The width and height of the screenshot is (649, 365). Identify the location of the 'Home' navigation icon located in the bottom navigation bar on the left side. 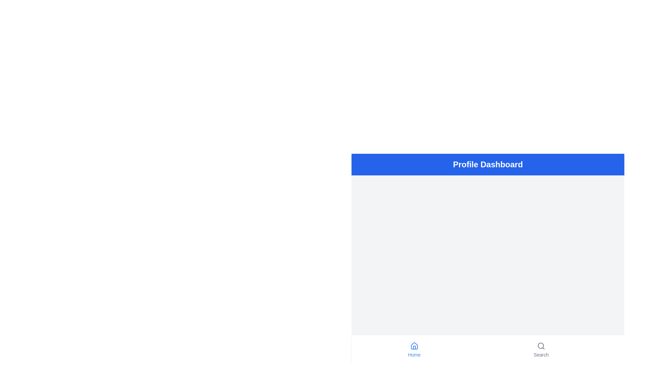
(414, 346).